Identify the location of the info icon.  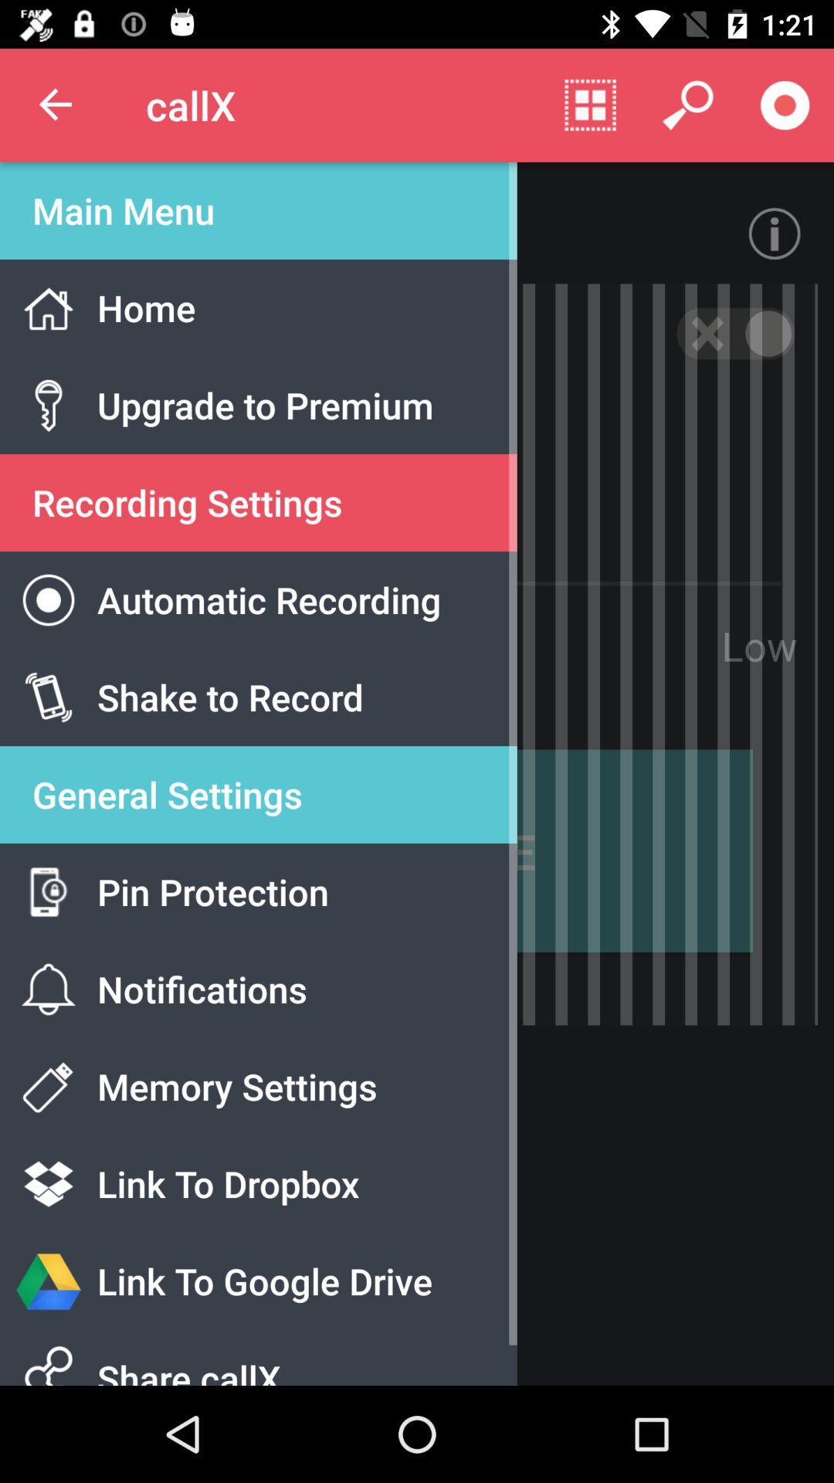
(784, 210).